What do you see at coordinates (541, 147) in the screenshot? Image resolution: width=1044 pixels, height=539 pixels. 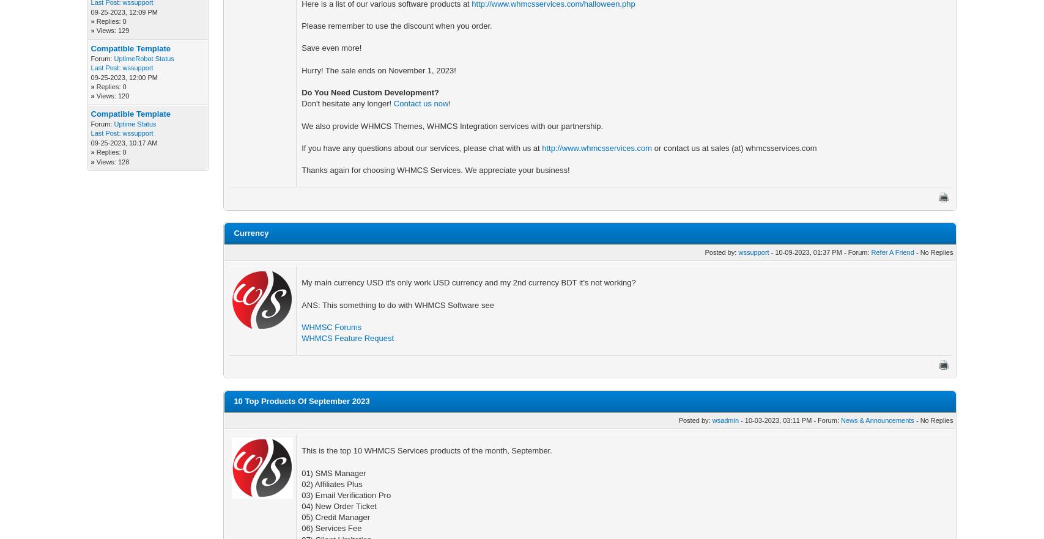 I see `'http://www.whmcsservices.com'` at bounding box center [541, 147].